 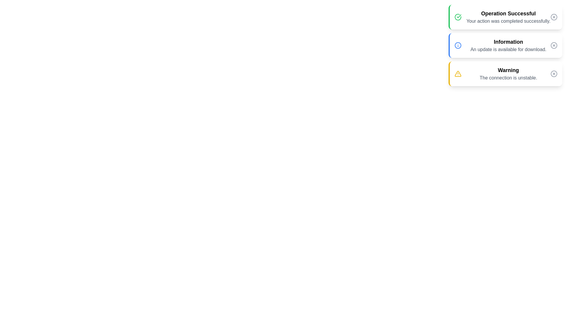 What do you see at coordinates (505, 74) in the screenshot?
I see `the notification with type warning` at bounding box center [505, 74].